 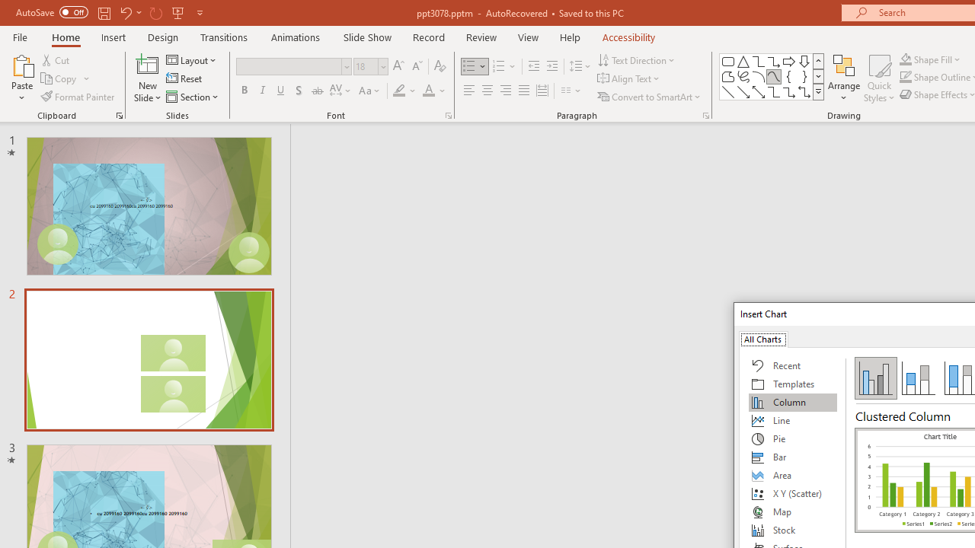 I want to click on 'Templates', so click(x=792, y=384).